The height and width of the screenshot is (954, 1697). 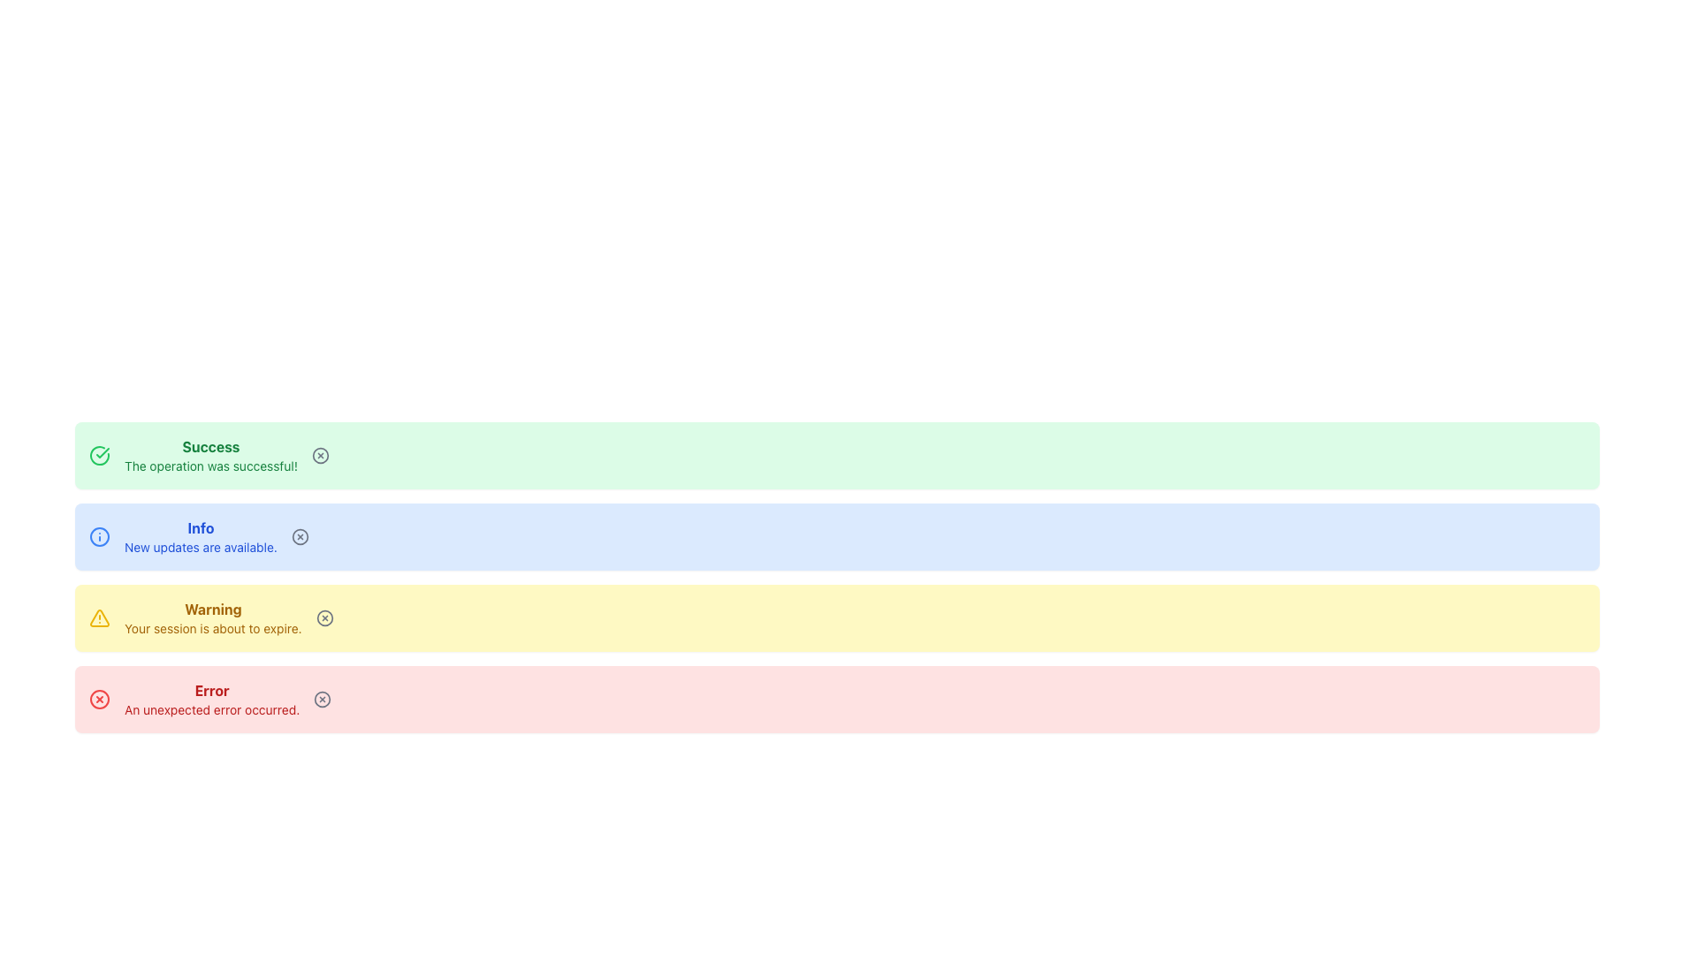 What do you see at coordinates (212, 690) in the screenshot?
I see `text of the error message header located at the top-left corner of the red notification box` at bounding box center [212, 690].